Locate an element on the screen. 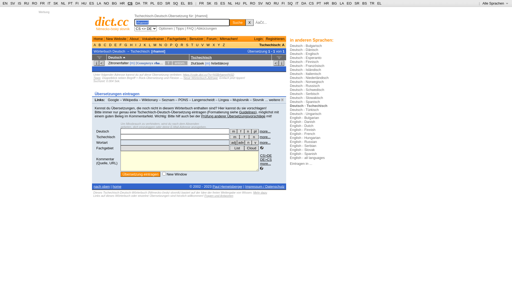  'U' is located at coordinates (197, 45).